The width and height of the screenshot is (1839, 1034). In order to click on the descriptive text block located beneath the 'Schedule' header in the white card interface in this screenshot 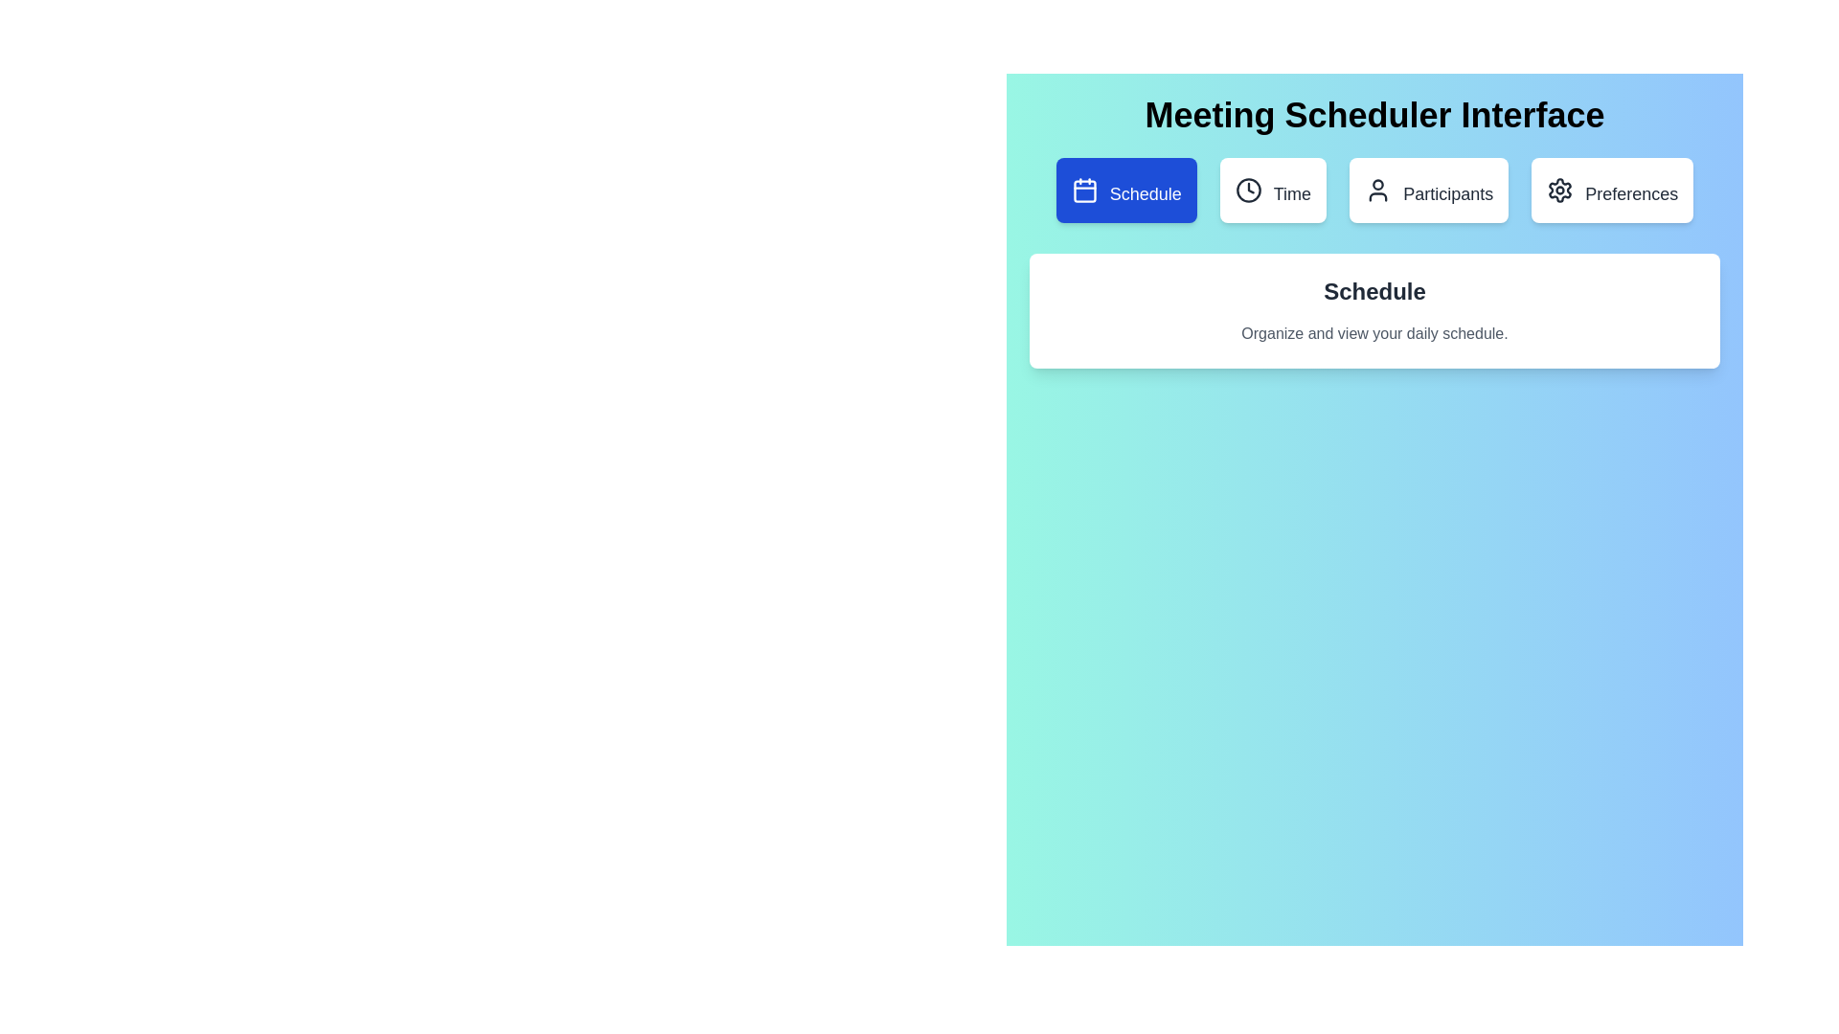, I will do `click(1374, 332)`.